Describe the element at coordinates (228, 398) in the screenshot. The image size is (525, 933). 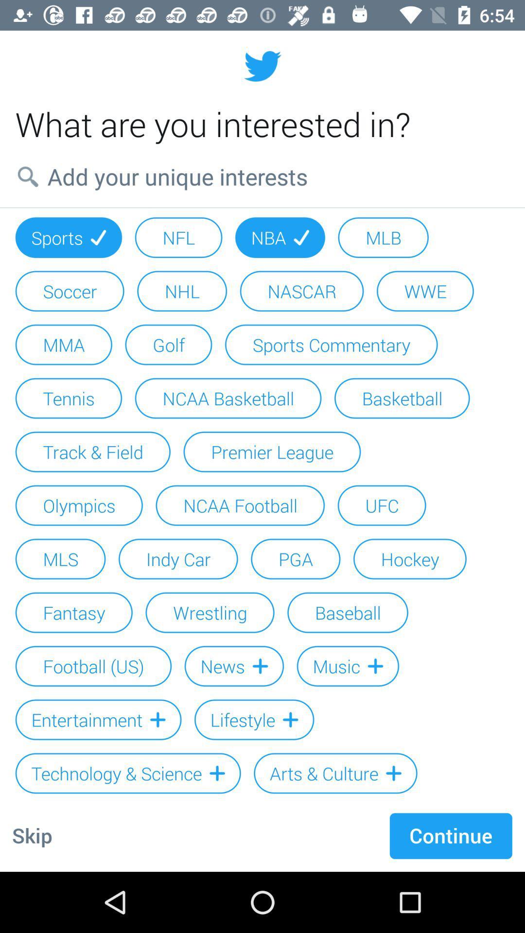
I see `the item above the track & field icon` at that location.